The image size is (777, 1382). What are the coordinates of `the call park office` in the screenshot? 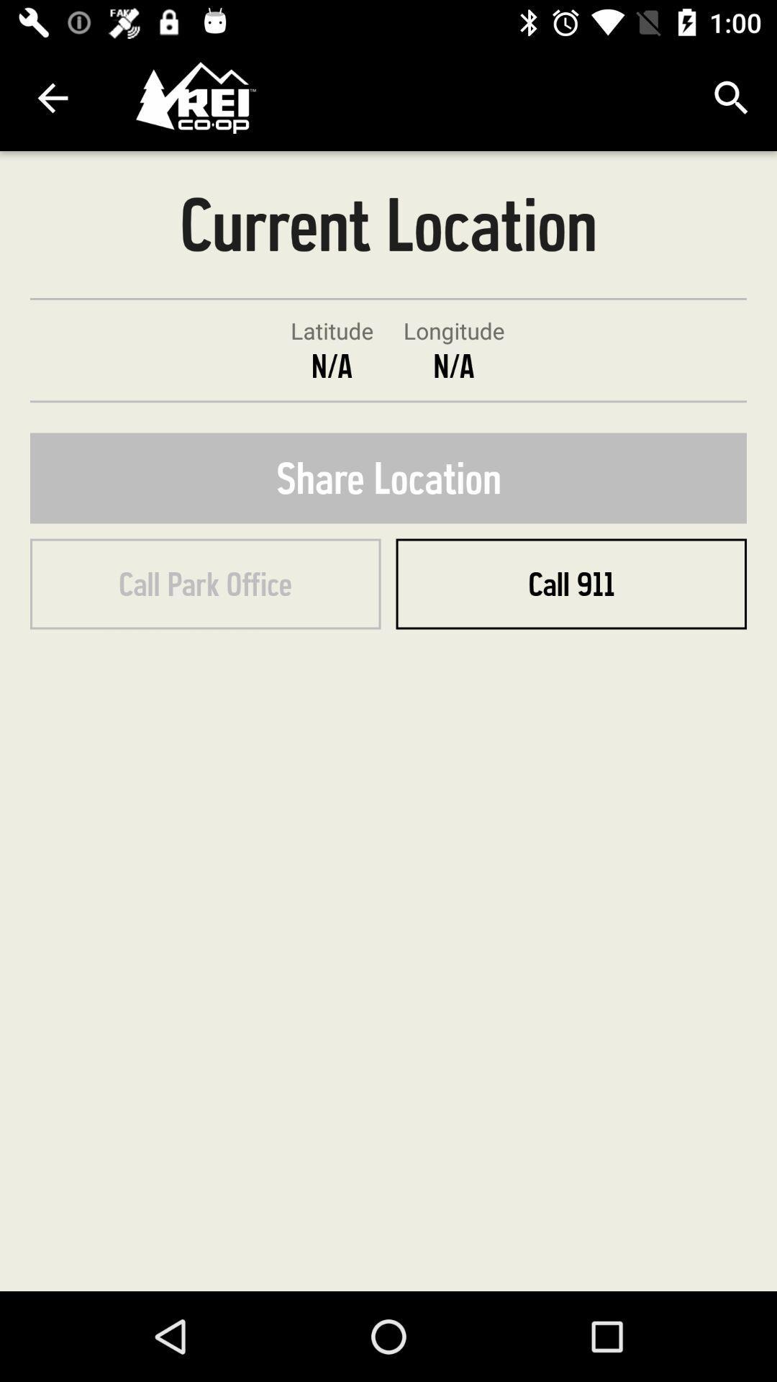 It's located at (205, 584).